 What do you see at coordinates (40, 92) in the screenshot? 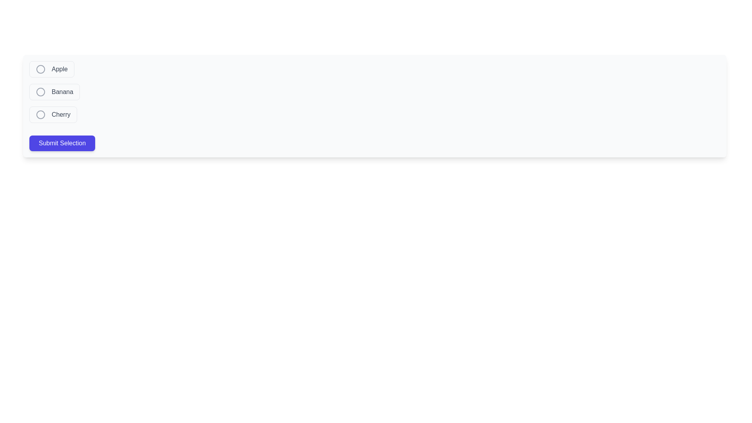
I see `the second radio button labeled 'Banana' using the keyboard to select it` at bounding box center [40, 92].